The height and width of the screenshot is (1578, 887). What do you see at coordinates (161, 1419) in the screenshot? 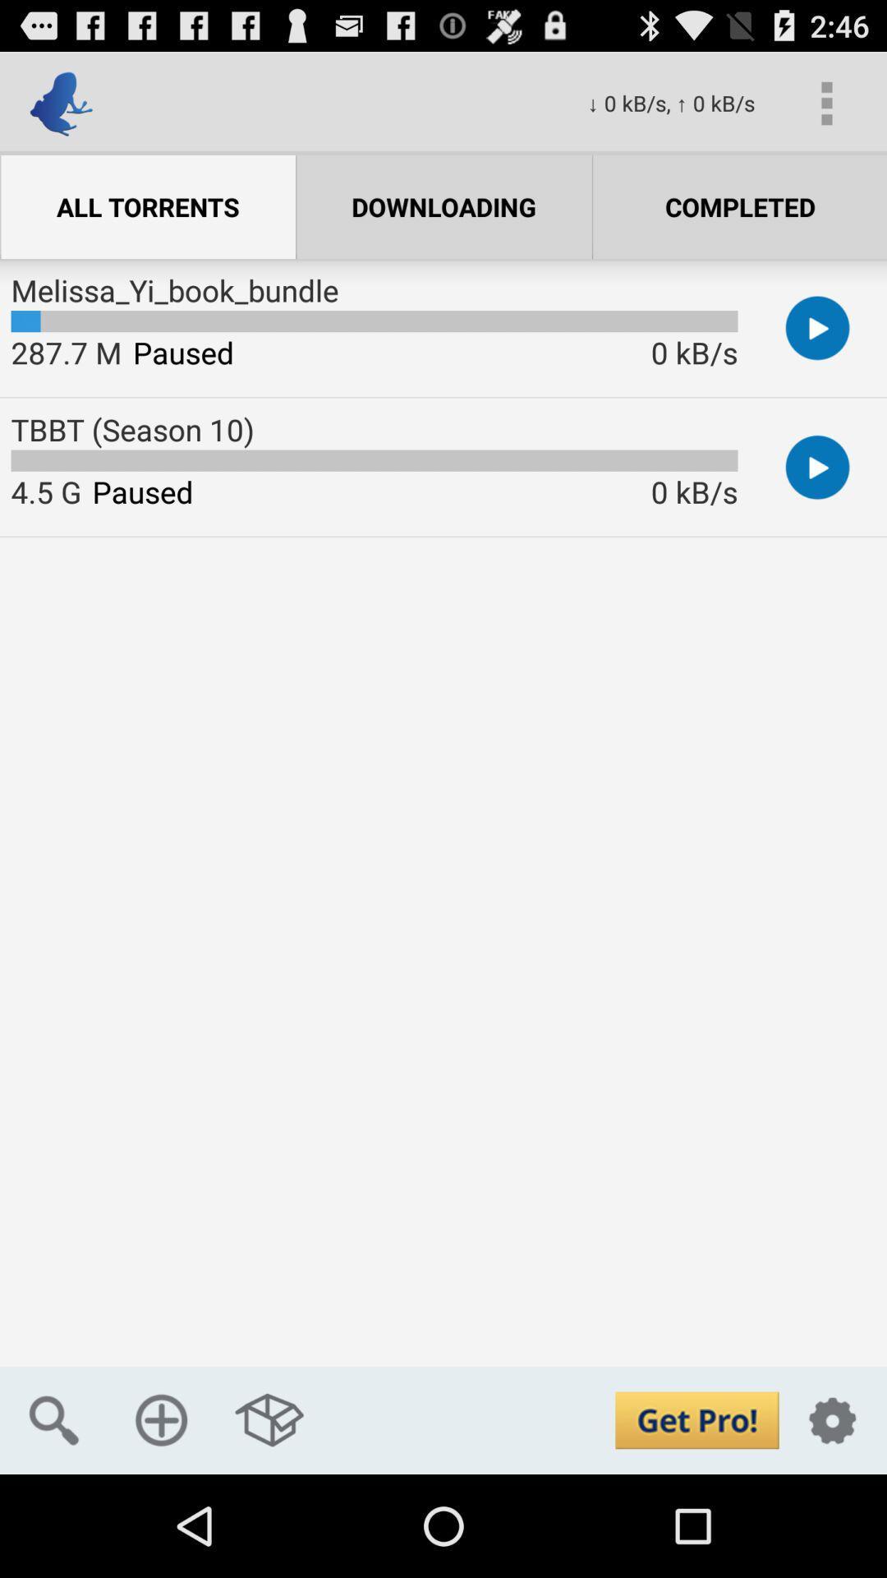
I see `app below paused` at bounding box center [161, 1419].